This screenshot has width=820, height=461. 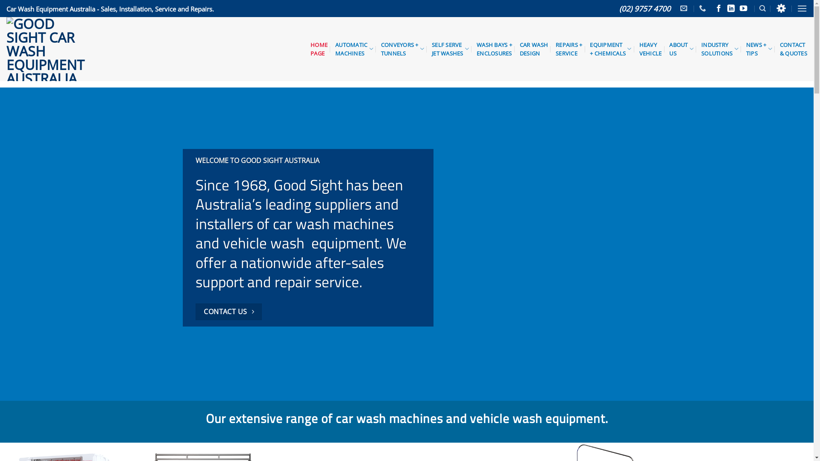 I want to click on 'CONVEYORS +, so click(x=402, y=49).